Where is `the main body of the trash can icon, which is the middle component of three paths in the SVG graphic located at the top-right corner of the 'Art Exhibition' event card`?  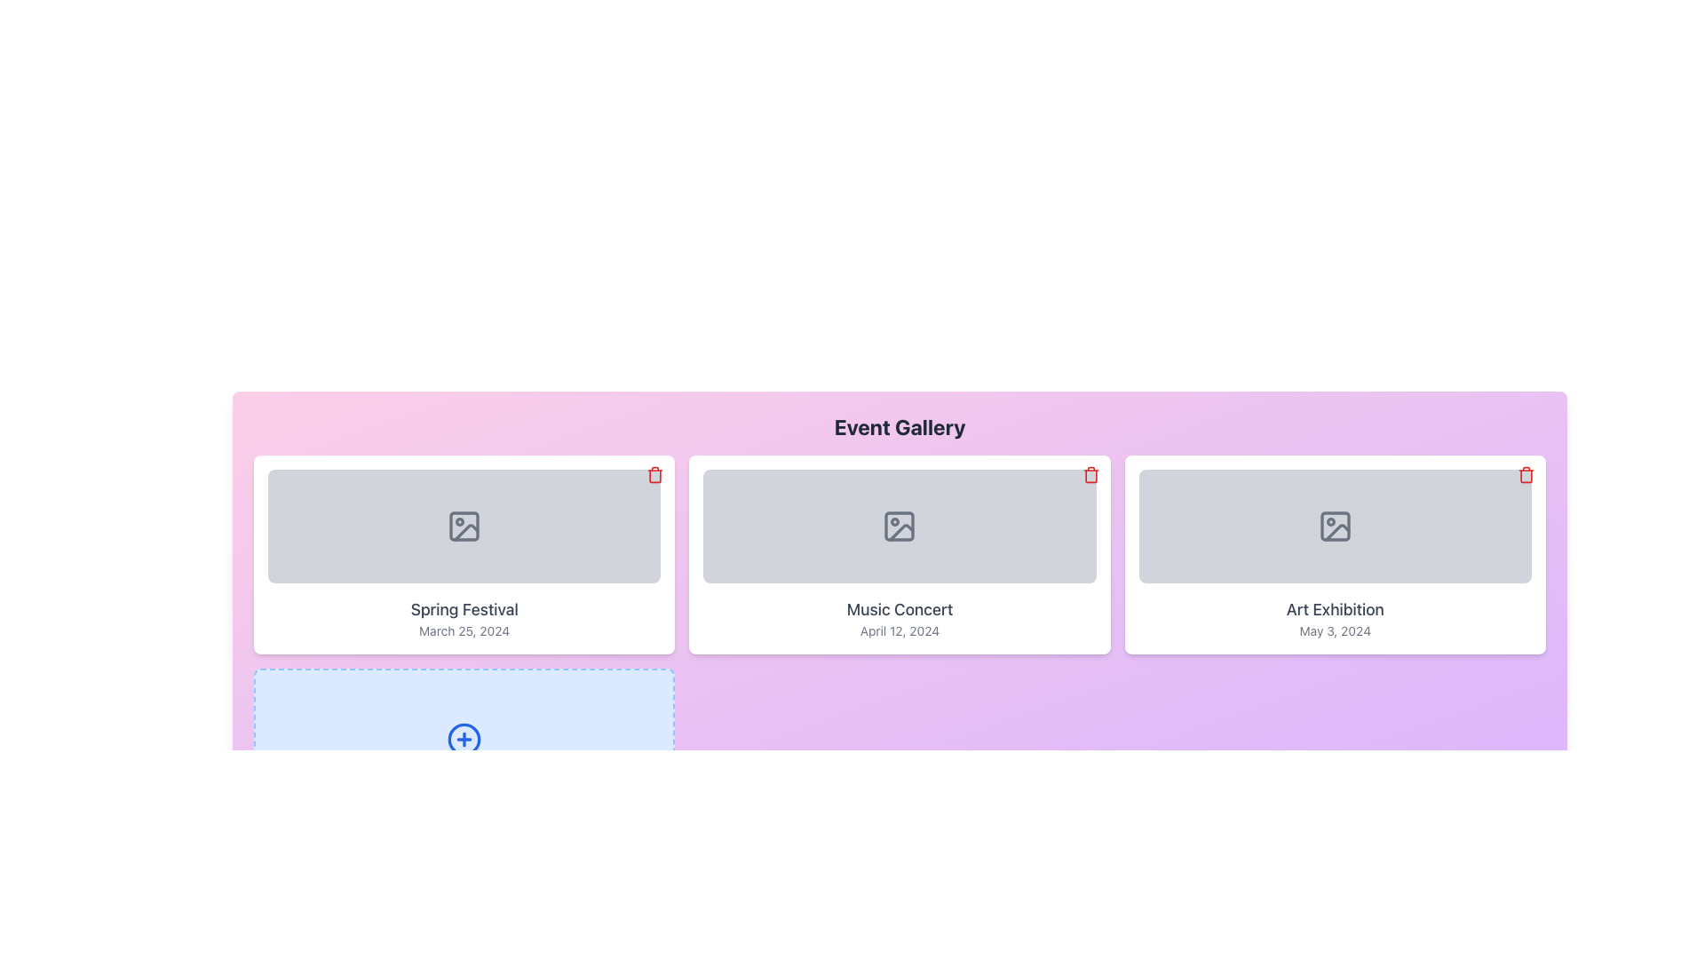 the main body of the trash can icon, which is the middle component of three paths in the SVG graphic located at the top-right corner of the 'Art Exhibition' event card is located at coordinates (1525, 475).